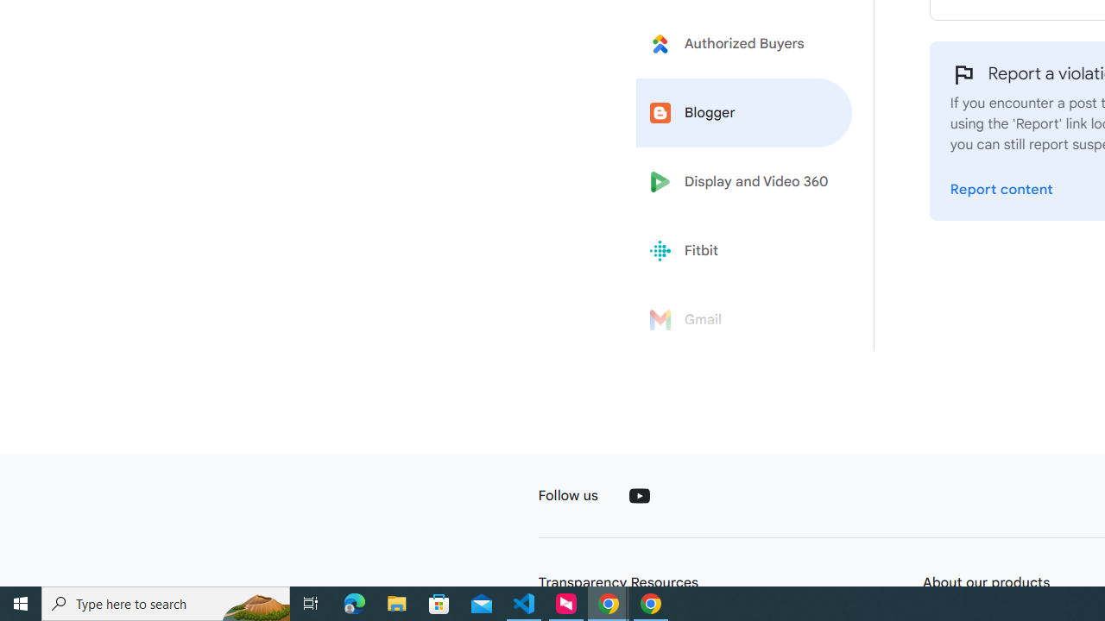 This screenshot has height=621, width=1105. I want to click on 'Fitbit', so click(744, 251).